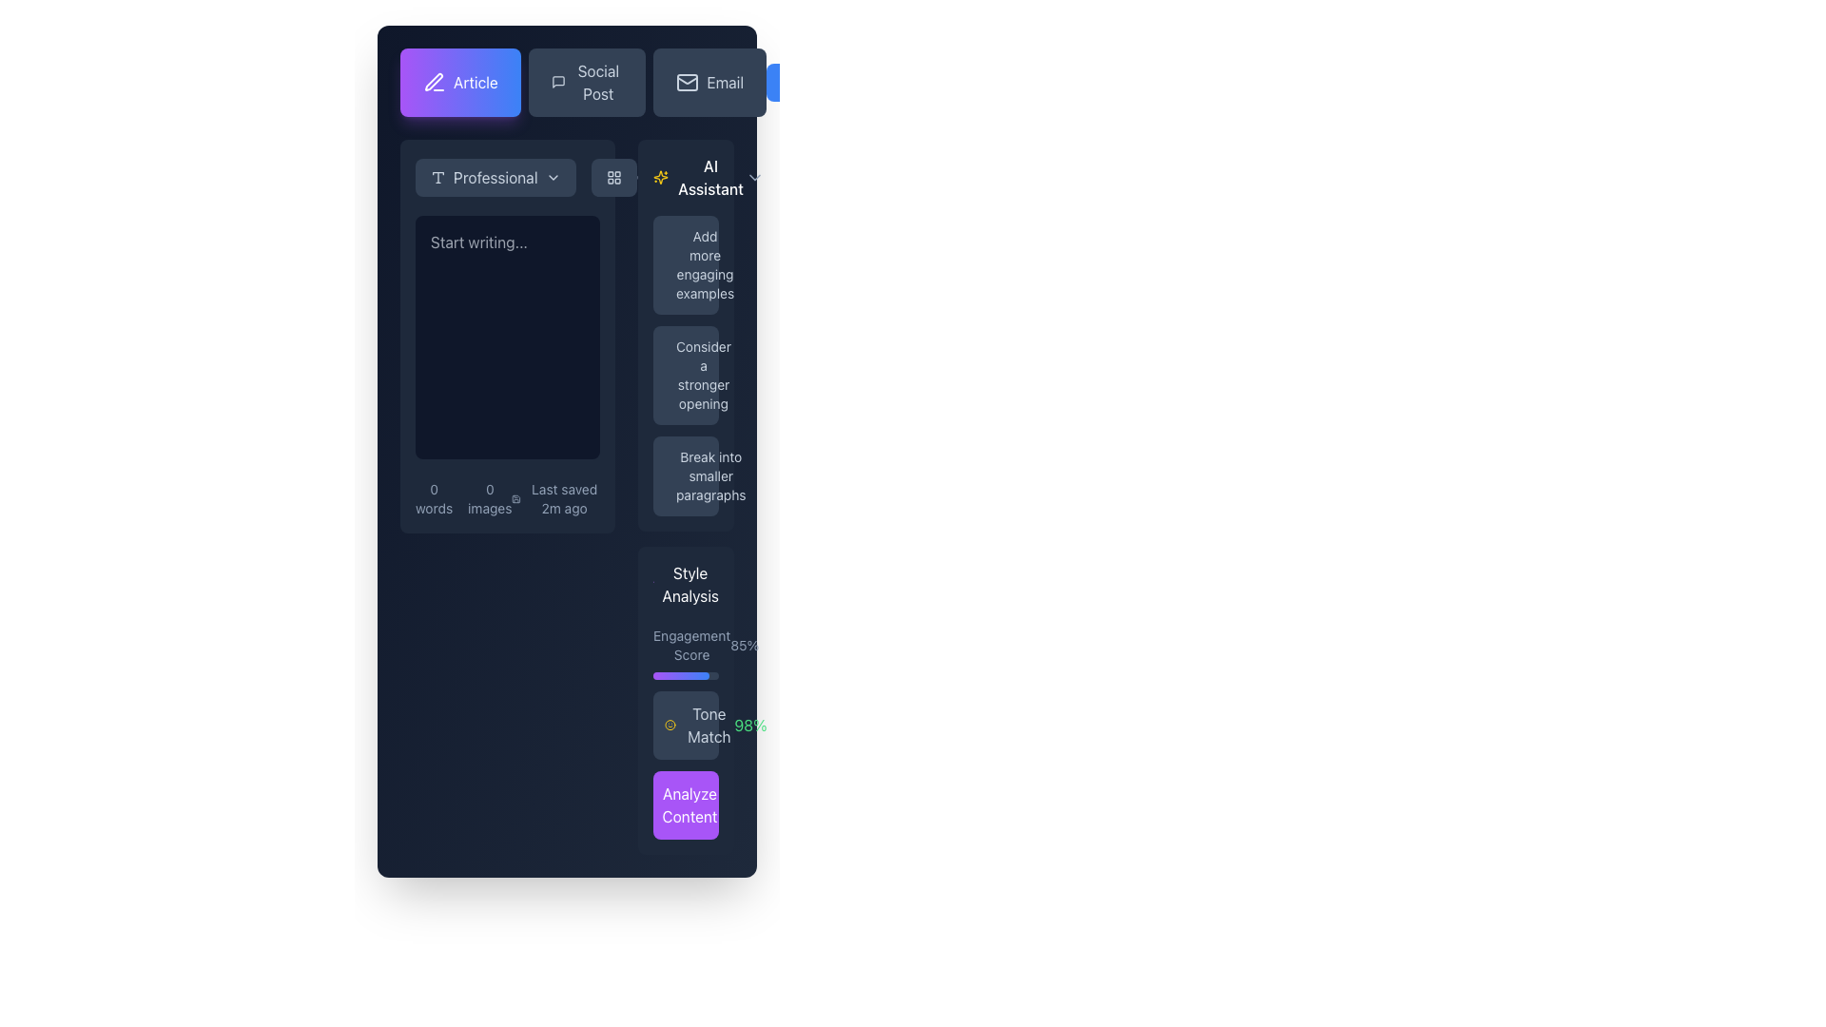 The height and width of the screenshot is (1027, 1826). I want to click on the second button in the 'AI Assistant' suggestions to apply the recommendation, so click(685, 335).